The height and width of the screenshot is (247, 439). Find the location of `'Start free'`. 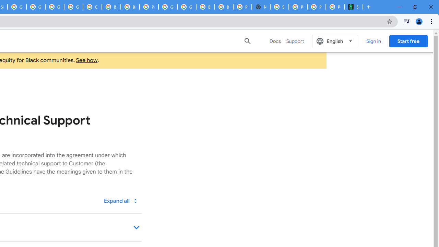

'Start free' is located at coordinates (408, 41).